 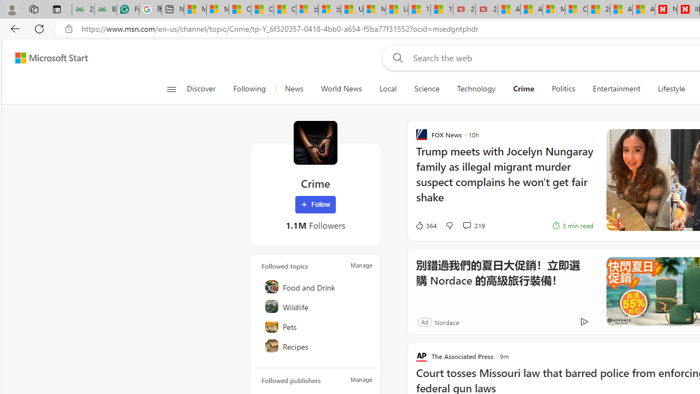 I want to click on 'USA TODAY - MSN', so click(x=352, y=9).